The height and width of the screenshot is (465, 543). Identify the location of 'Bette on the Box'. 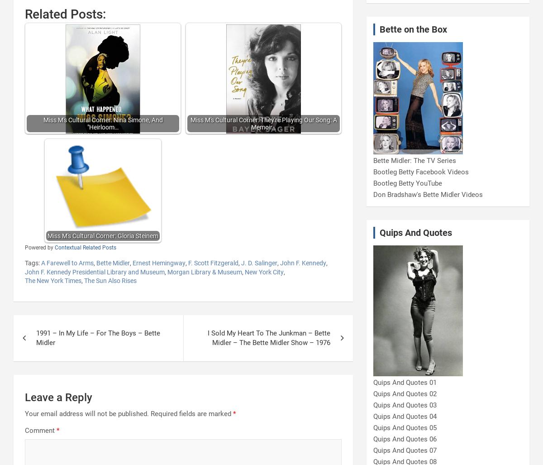
(413, 29).